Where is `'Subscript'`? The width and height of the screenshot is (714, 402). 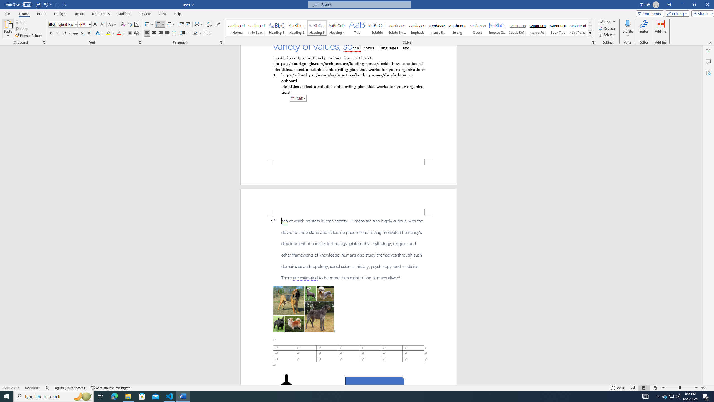
'Subscript' is located at coordinates (82, 33).